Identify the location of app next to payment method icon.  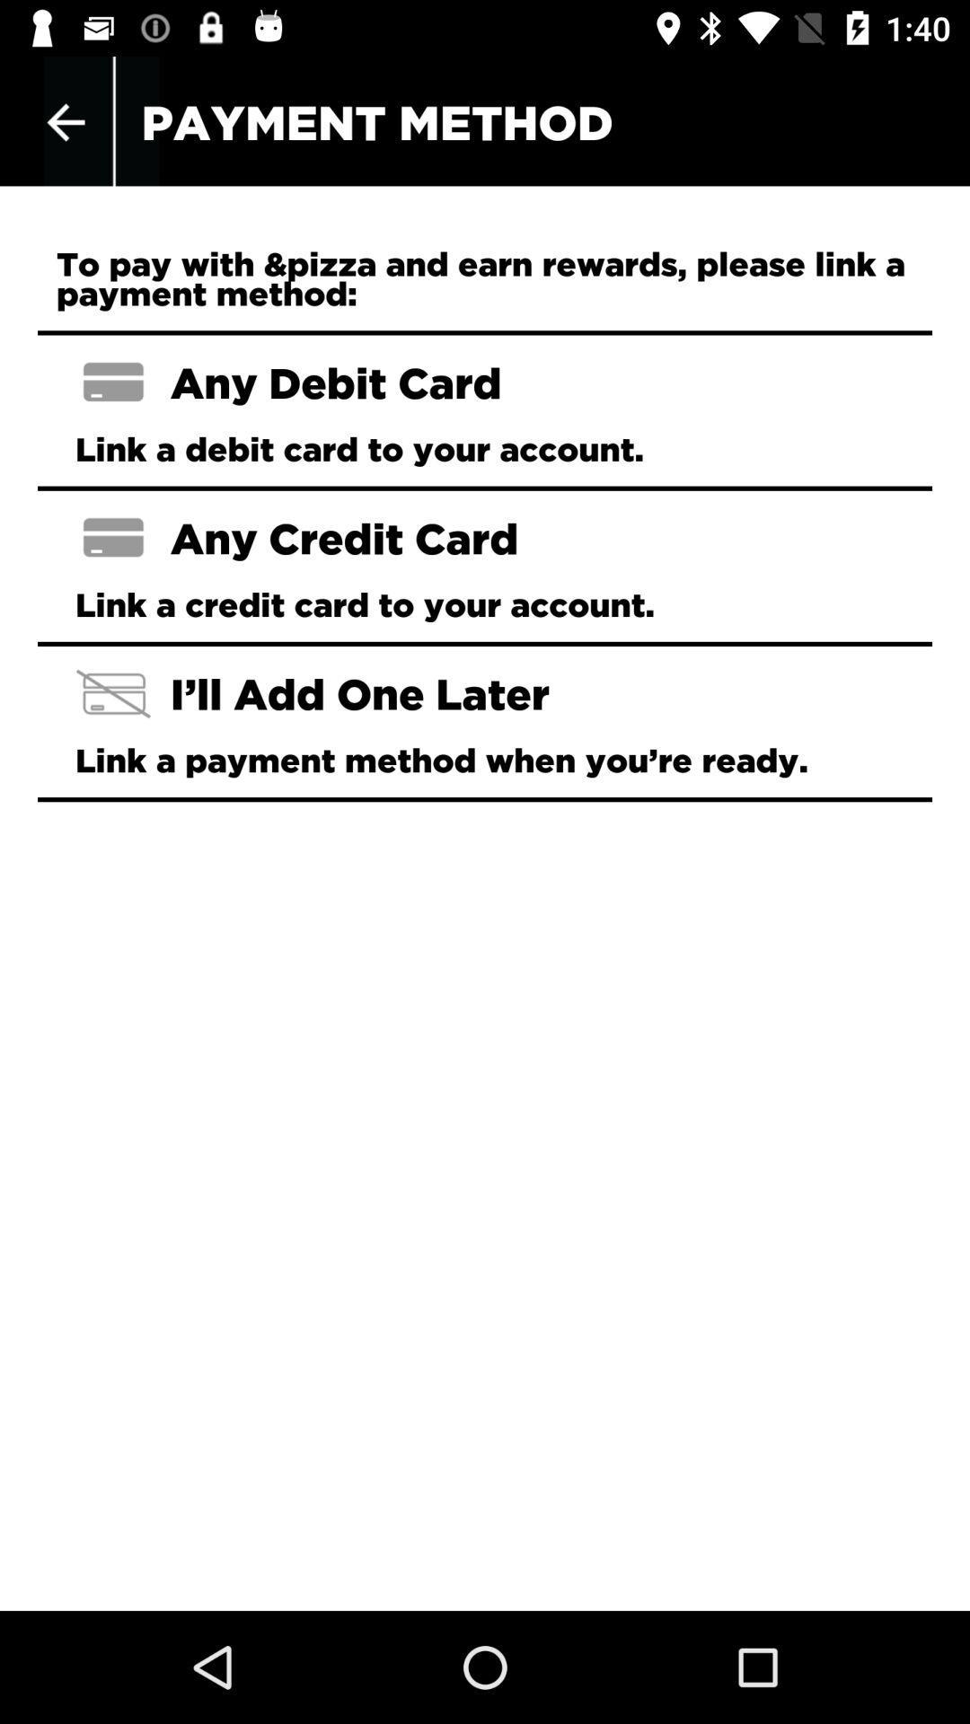
(65, 121).